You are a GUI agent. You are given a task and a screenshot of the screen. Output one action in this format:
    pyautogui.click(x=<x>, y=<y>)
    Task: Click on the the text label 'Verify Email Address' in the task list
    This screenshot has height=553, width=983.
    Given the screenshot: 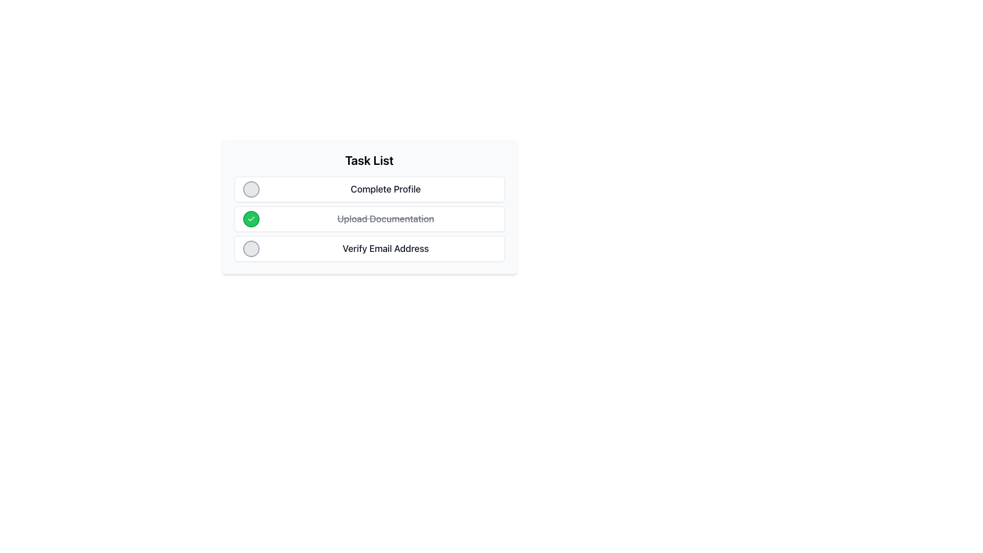 What is the action you would take?
    pyautogui.click(x=369, y=249)
    